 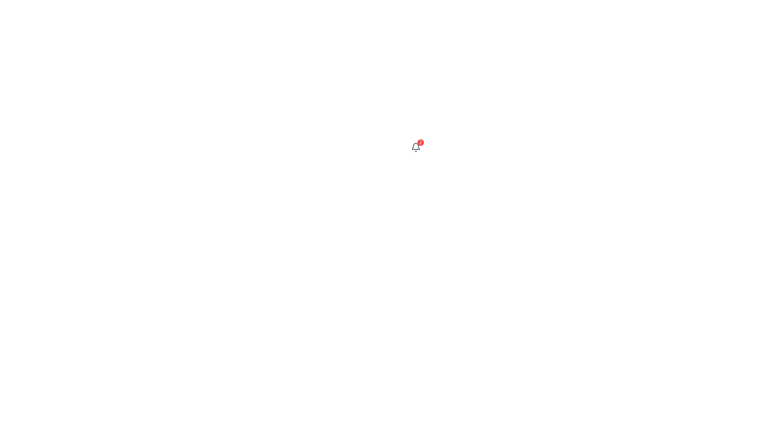 I want to click on the text content of the Notification badge, which is a circular badge with a red background displaying the number '2' in white, located at the top-right corner of the notification icon, so click(x=420, y=142).